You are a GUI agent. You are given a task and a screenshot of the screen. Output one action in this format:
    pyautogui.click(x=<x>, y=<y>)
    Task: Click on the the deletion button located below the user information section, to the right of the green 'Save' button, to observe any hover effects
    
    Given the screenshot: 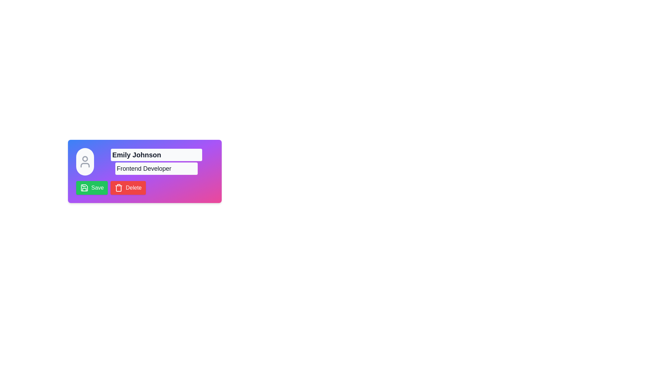 What is the action you would take?
    pyautogui.click(x=128, y=188)
    